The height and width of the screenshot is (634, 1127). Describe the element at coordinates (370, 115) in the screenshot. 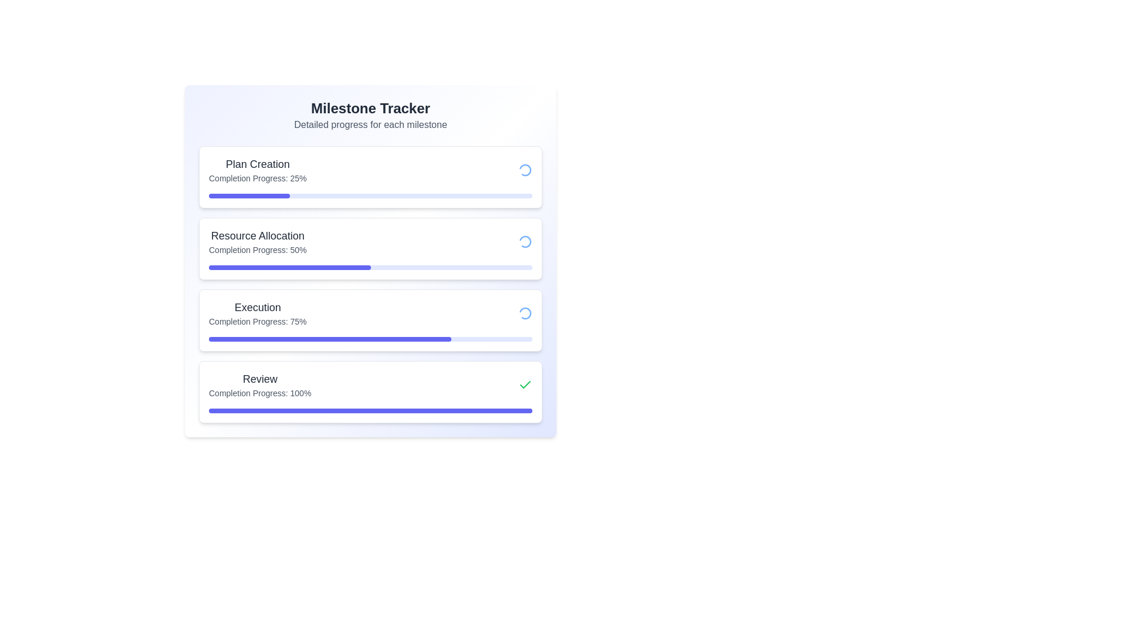

I see `text of the heading 'Milestone Tracker' and its details 'Detailed progress for each milestone' located at the top center of the card-like interface` at that location.